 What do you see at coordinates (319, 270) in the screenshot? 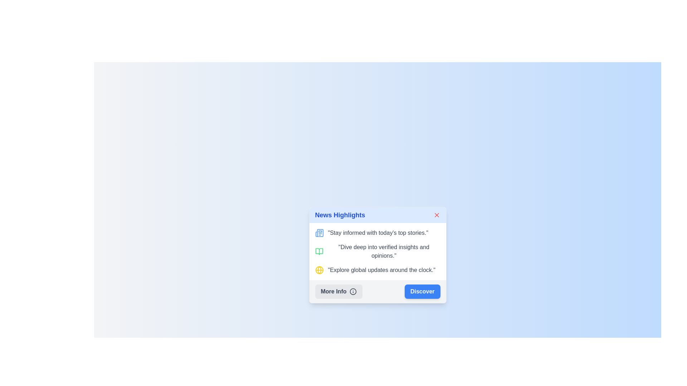
I see `the leftmost icon in the third row of the 'News Highlights' informational box, which represents global updates or worldwide information` at bounding box center [319, 270].